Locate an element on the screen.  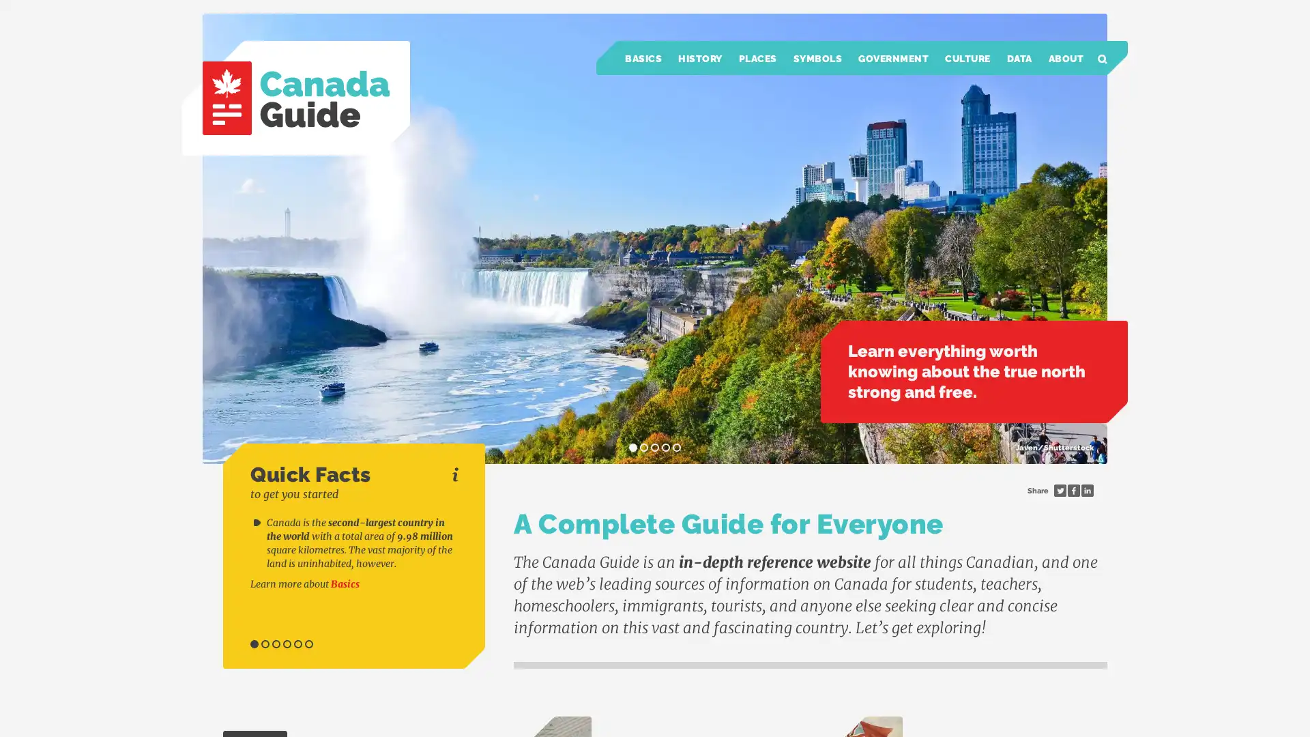
Go to slide 2 is located at coordinates (643, 447).